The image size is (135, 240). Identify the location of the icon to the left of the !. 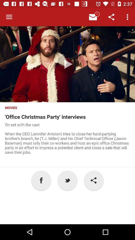
(67, 180).